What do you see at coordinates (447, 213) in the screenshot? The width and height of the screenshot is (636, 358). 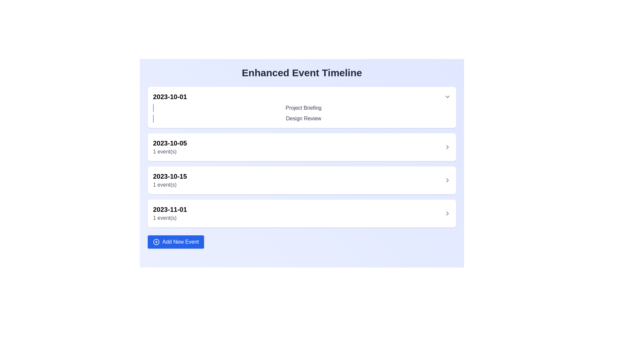 I see `the arrow icon representing the 'go to details' or 'expand' action in the last row of the event timeline for '2023-11-01'` at bounding box center [447, 213].